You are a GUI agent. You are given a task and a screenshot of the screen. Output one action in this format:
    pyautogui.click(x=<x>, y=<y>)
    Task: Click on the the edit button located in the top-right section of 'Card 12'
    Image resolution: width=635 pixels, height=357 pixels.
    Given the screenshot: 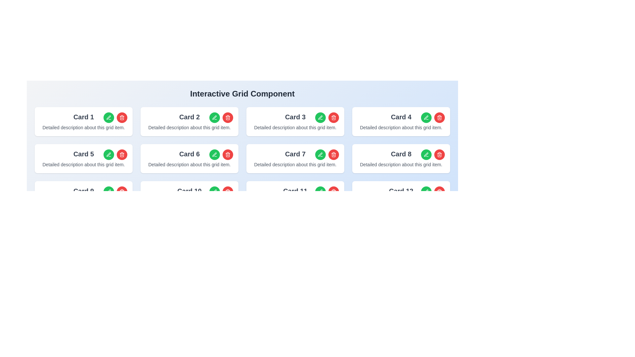 What is the action you would take?
    pyautogui.click(x=426, y=191)
    